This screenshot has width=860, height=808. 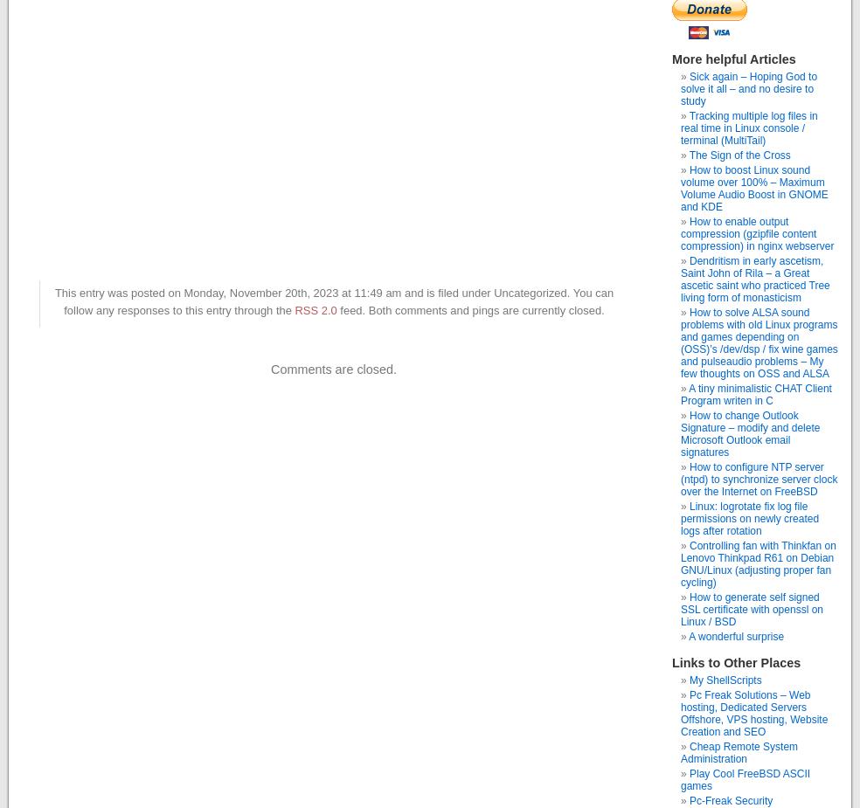 I want to click on 'How to generate self signed SSL certificate with openssl on Linux / BSD', so click(x=751, y=610).